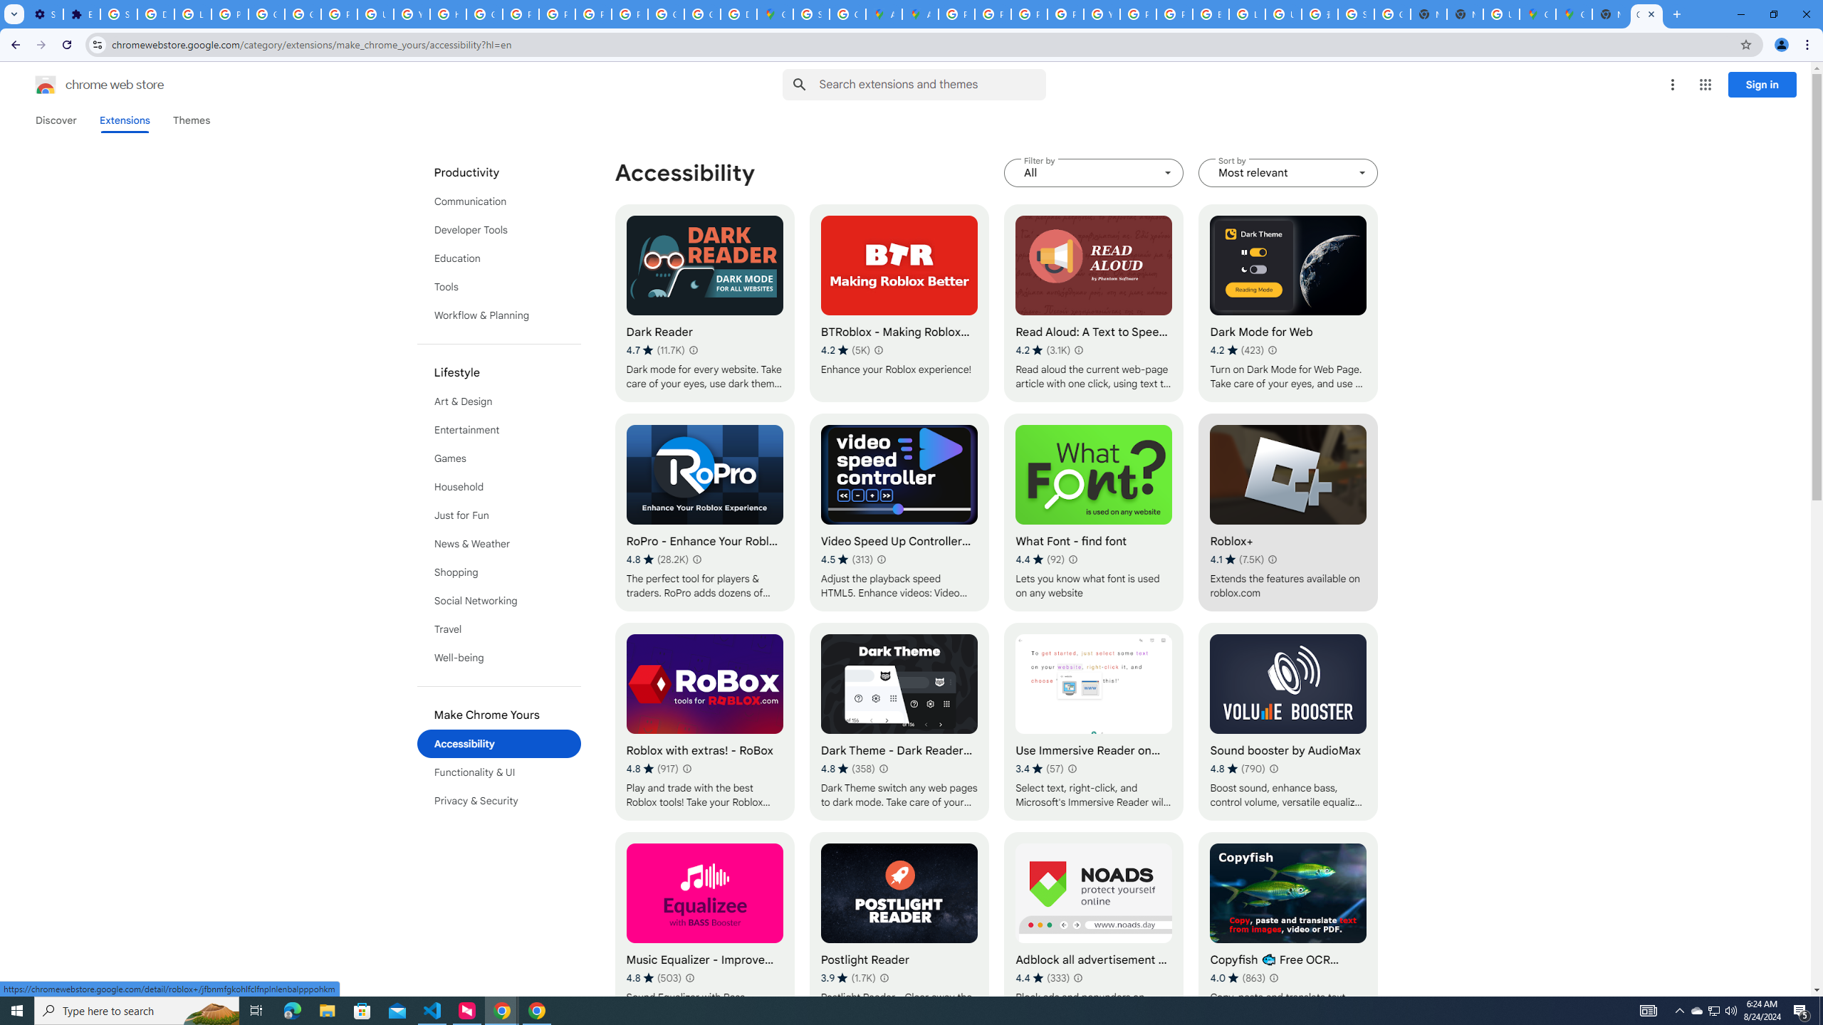 Image resolution: width=1823 pixels, height=1025 pixels. Describe the element at coordinates (499, 486) in the screenshot. I see `'List of categories in Chrome Web Store.'` at that location.